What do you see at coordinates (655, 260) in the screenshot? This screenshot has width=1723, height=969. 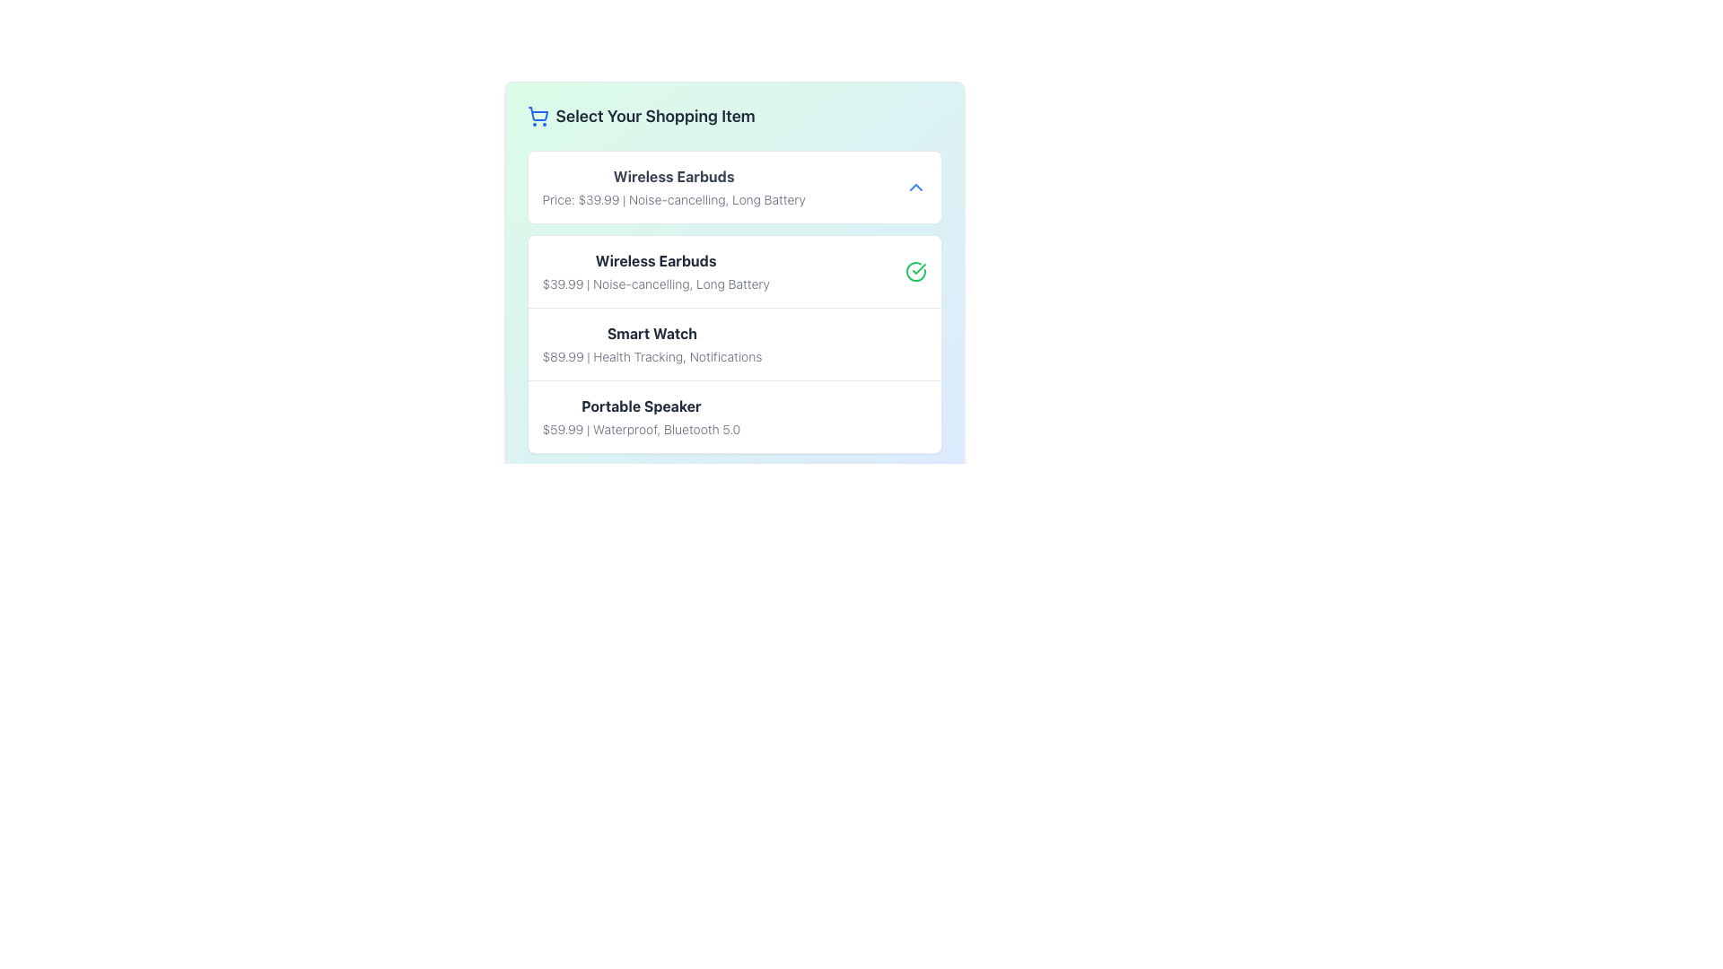 I see `the text label displaying 'Wireless Earbuds' in bold, dark gray font, which serves as the title of the second product in the shopping list` at bounding box center [655, 260].